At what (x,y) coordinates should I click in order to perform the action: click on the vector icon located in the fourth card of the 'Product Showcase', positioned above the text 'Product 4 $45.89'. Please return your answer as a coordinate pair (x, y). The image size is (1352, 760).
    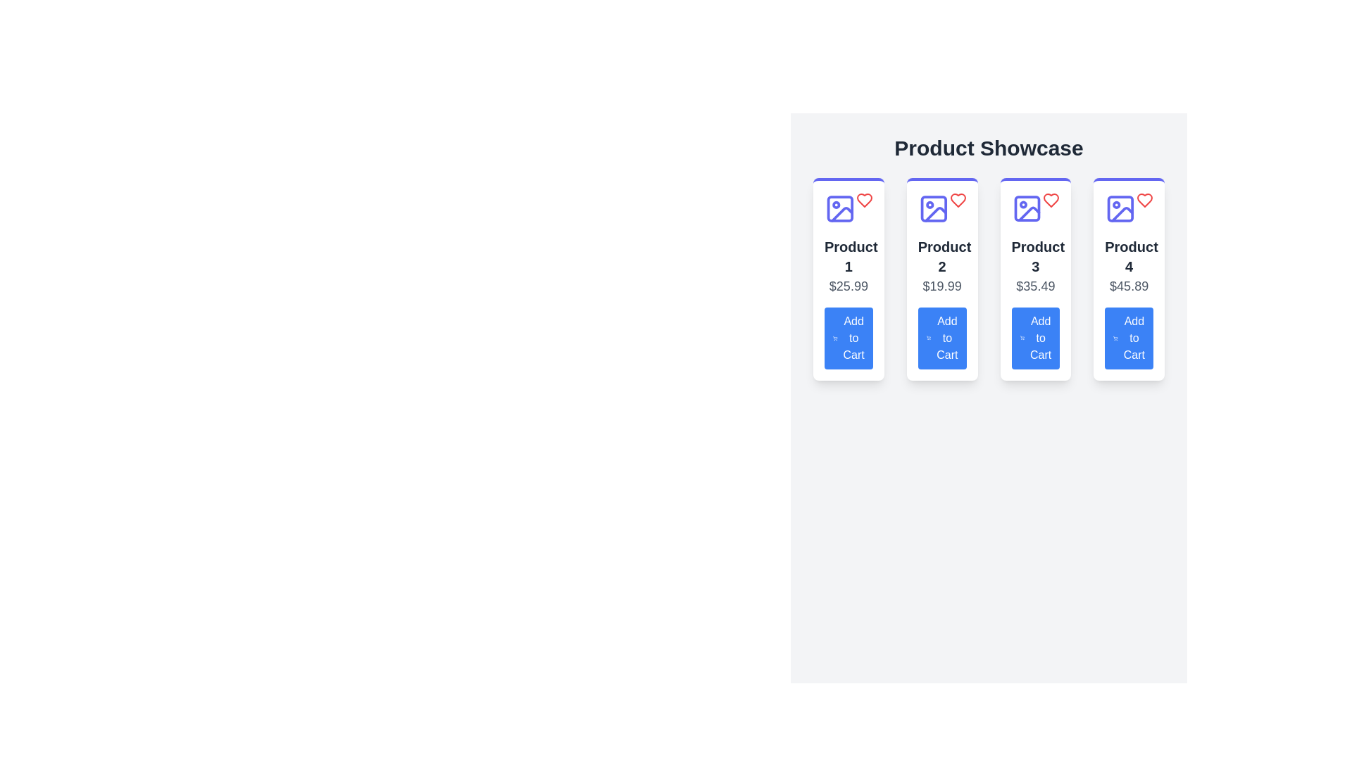
    Looking at the image, I should click on (1120, 209).